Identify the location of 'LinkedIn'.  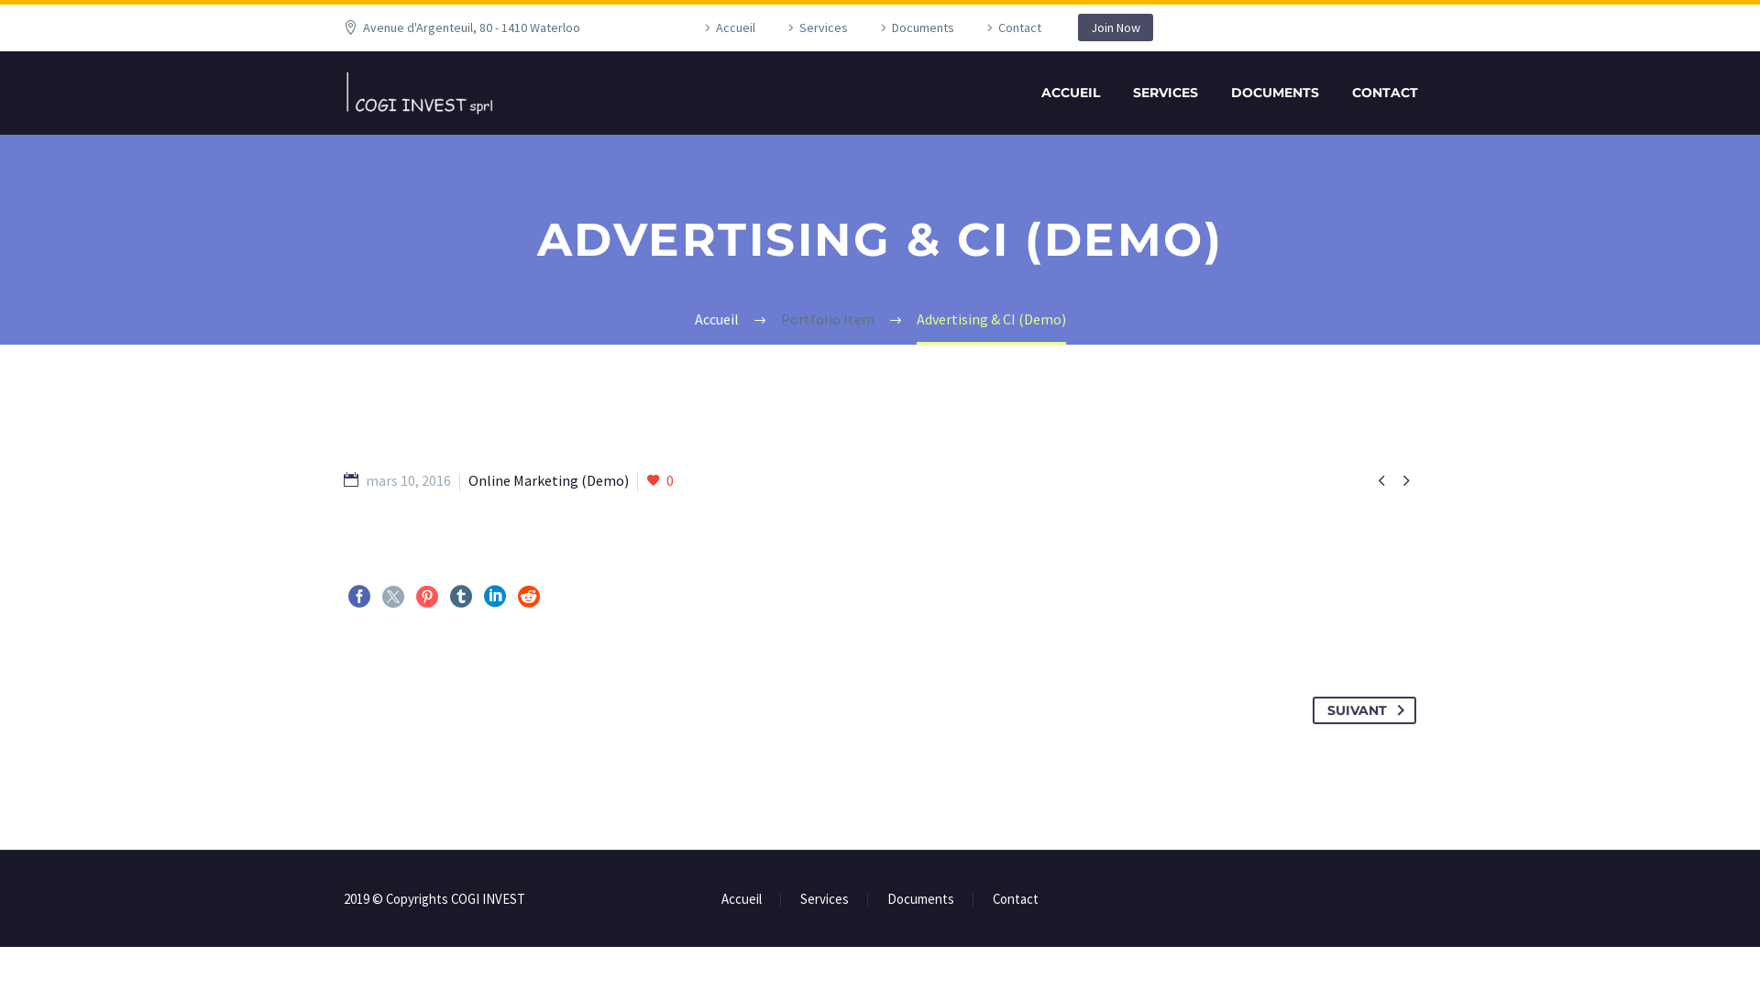
(494, 597).